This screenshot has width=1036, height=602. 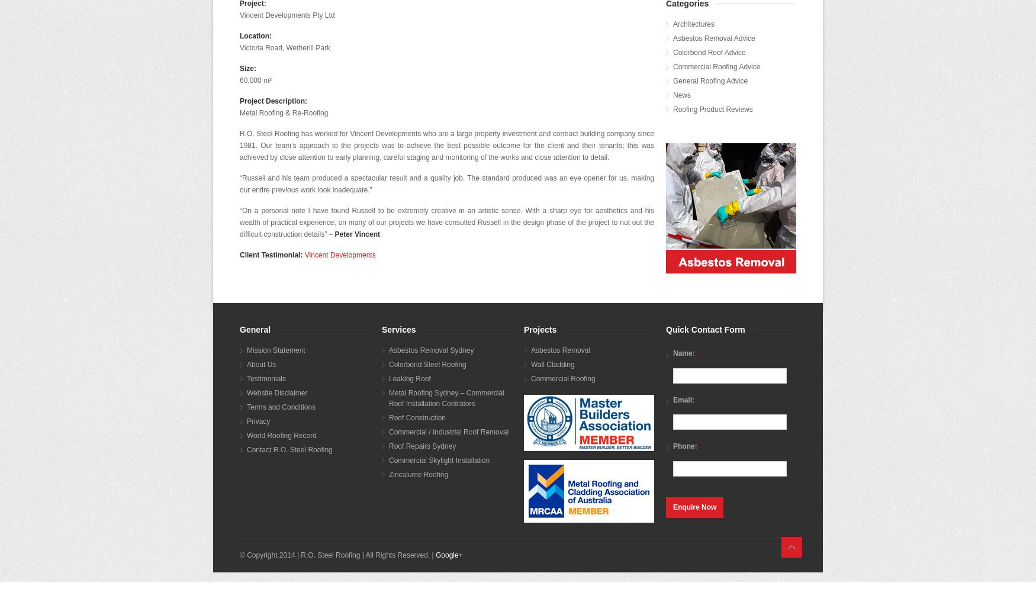 I want to click on 'About Us', so click(x=261, y=363).